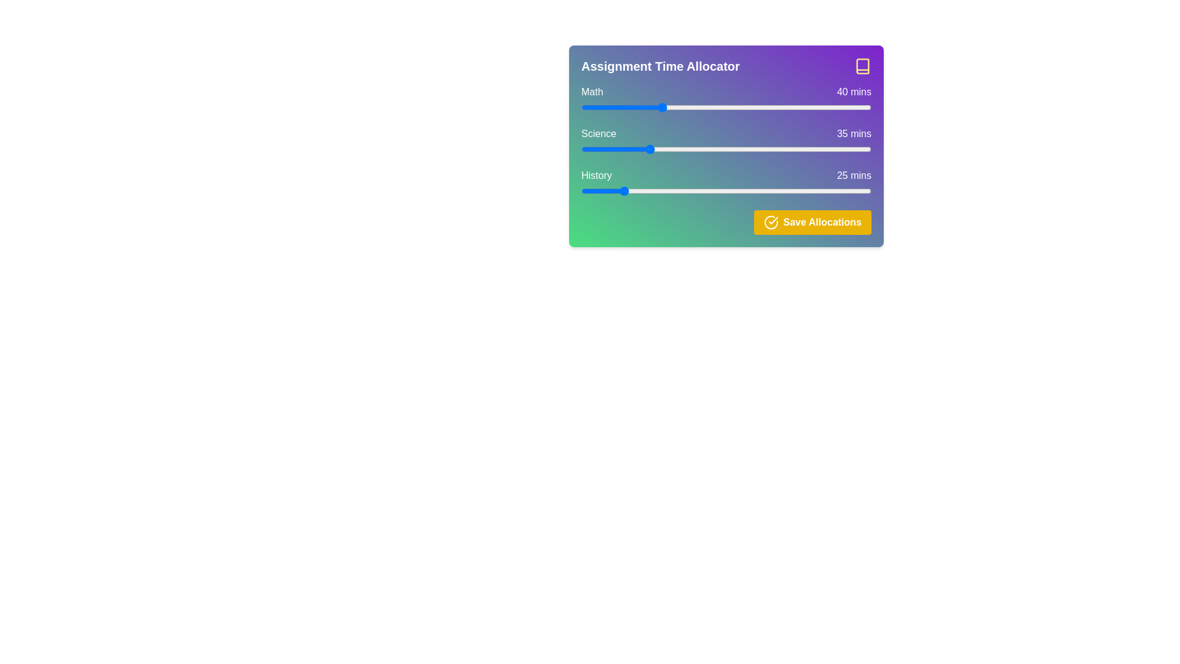 Image resolution: width=1180 pixels, height=664 pixels. I want to click on allocation time, so click(737, 149).